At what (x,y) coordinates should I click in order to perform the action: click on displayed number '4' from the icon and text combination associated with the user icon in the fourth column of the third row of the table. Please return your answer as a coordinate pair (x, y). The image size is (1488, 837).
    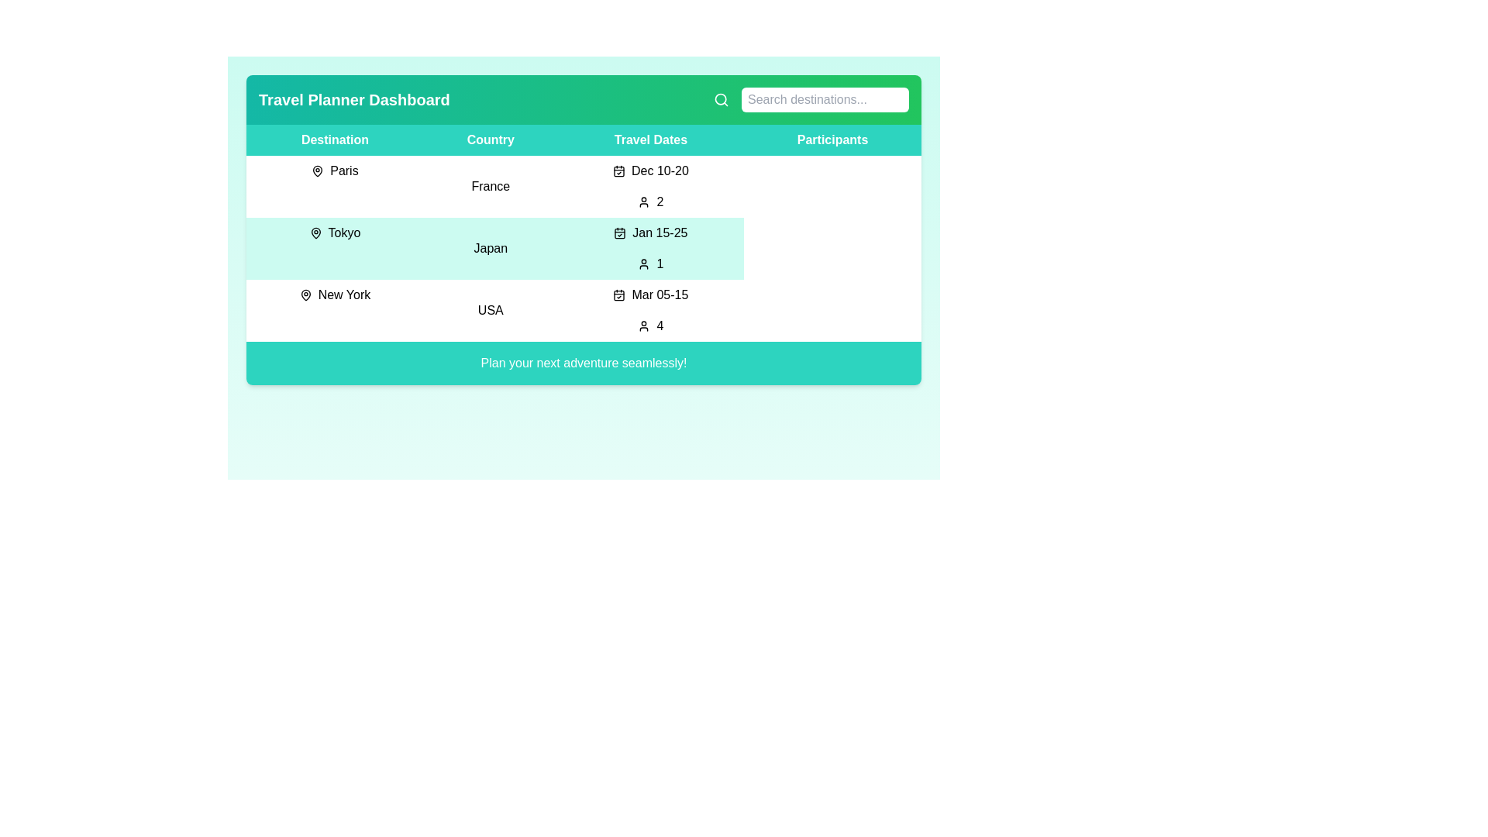
    Looking at the image, I should click on (651, 325).